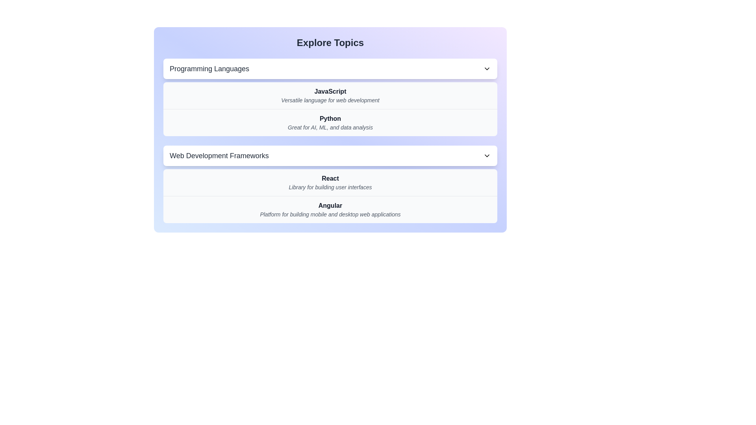 The image size is (756, 425). Describe the element at coordinates (330, 214) in the screenshot. I see `the Text label that provides a brief description about the Angular framework, located directly below the 'Angular' label in the 'Web Development Frameworks' subsection` at that location.